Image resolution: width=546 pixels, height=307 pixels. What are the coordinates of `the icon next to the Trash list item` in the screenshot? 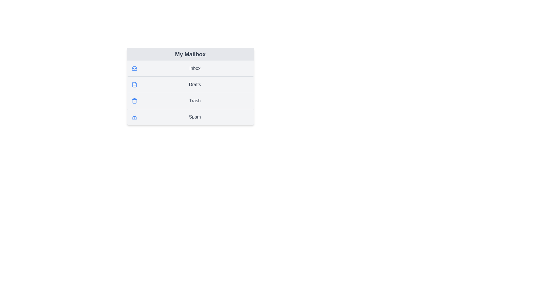 It's located at (134, 100).